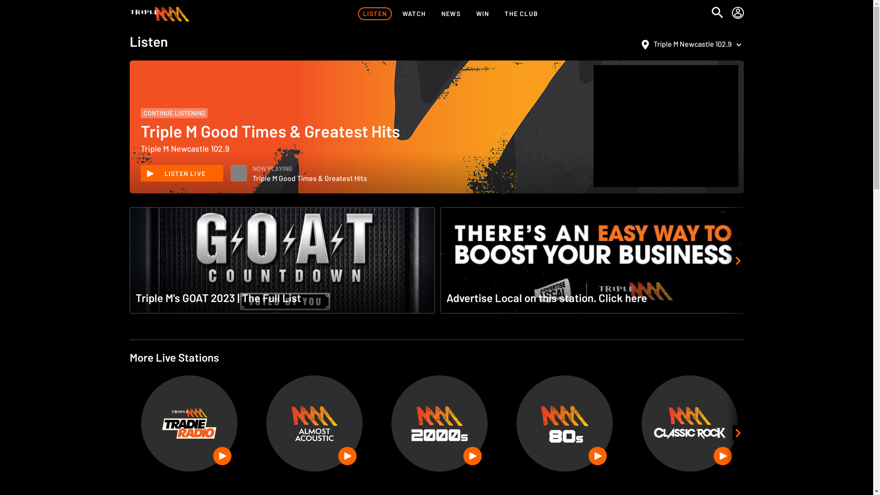  I want to click on '3rd party ad content', so click(596, 126).